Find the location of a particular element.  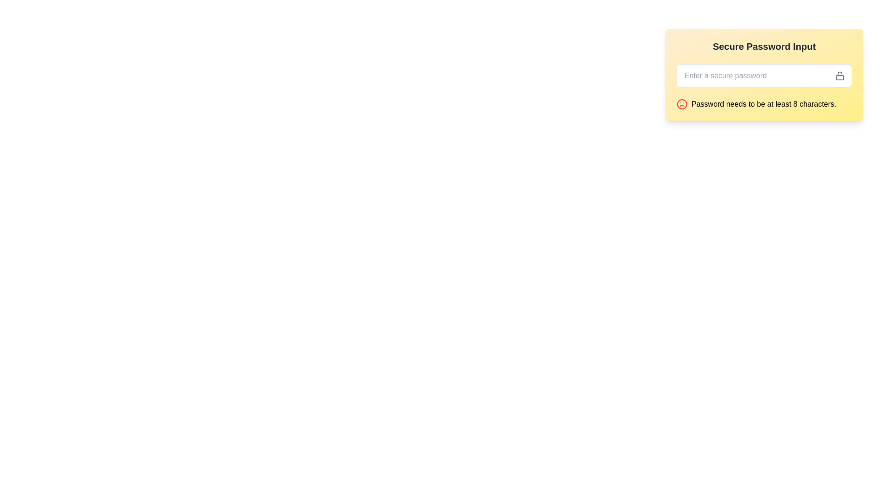

the warning text label displaying 'Password needs to be at least 8 characters' located below the password input field in the 'Secure Password Input' section is located at coordinates (764, 104).